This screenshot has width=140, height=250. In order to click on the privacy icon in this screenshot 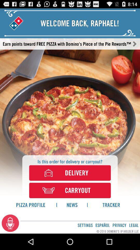, I will do `click(119, 225)`.